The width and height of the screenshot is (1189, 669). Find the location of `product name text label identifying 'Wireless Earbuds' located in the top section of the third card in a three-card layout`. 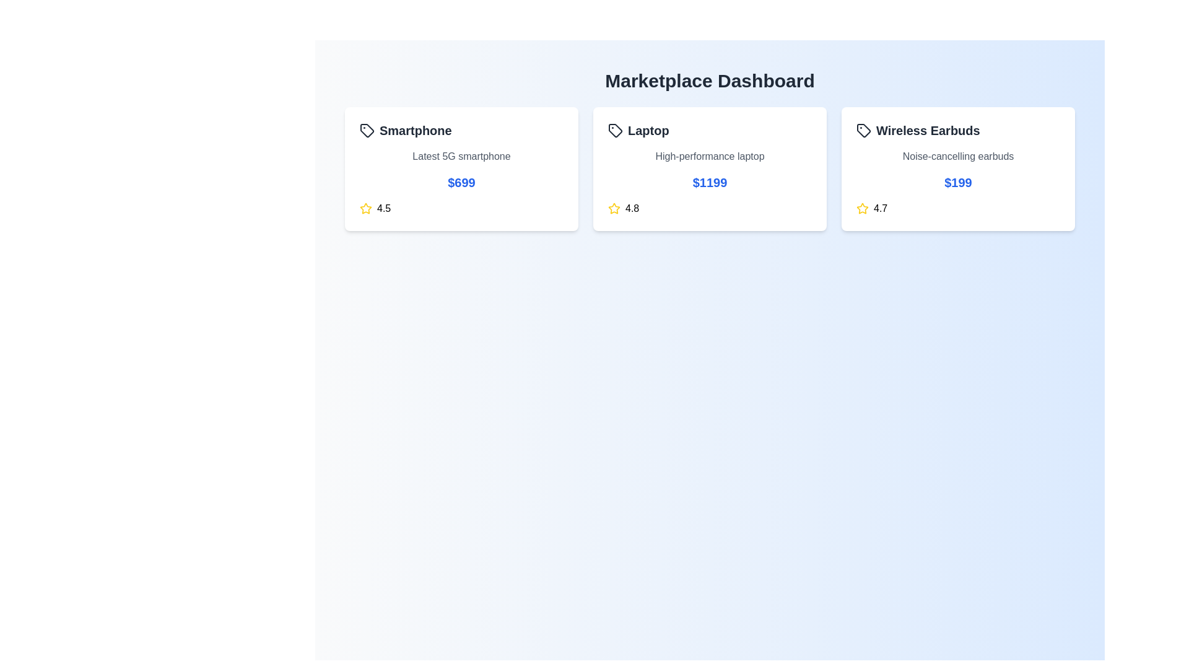

product name text label identifying 'Wireless Earbuds' located in the top section of the third card in a three-card layout is located at coordinates (957, 131).